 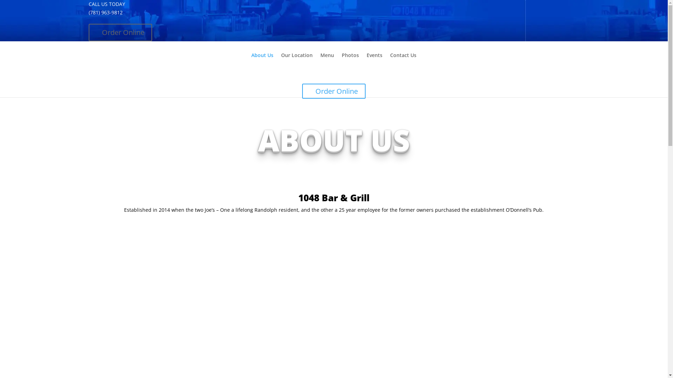 I want to click on 'Our Location', so click(x=281, y=61).